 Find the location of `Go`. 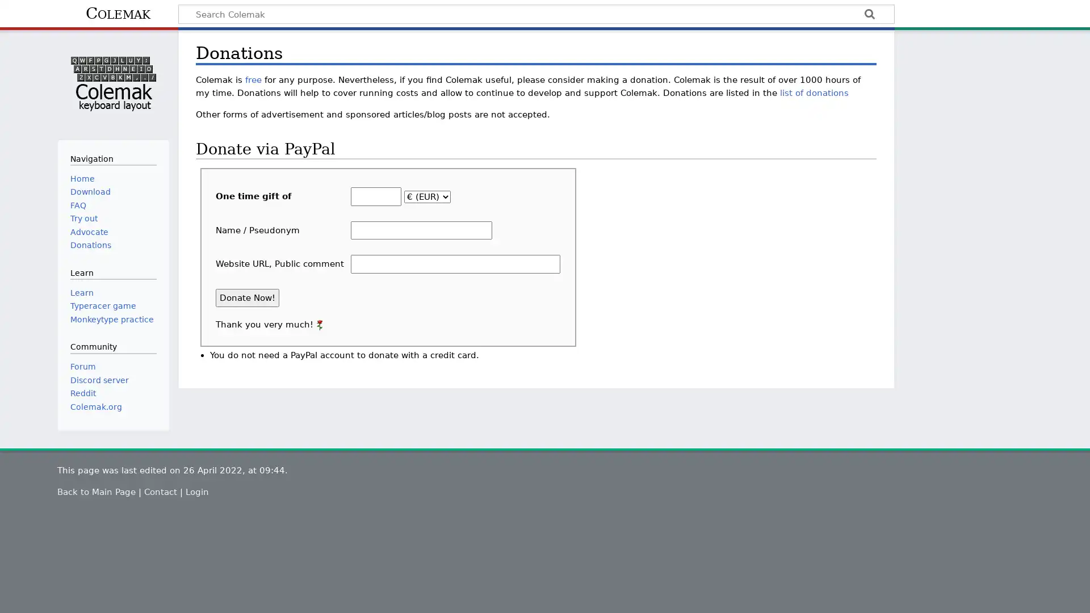

Go is located at coordinates (869, 15).